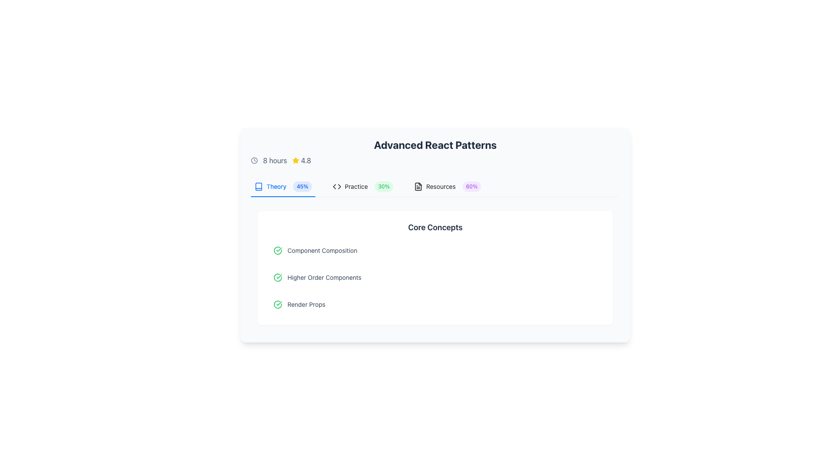  What do you see at coordinates (301, 161) in the screenshot?
I see `the rating indicator element, which displays a star icon and a numeric value indicating the rating of a course or item, located at the top-left area of the interface` at bounding box center [301, 161].